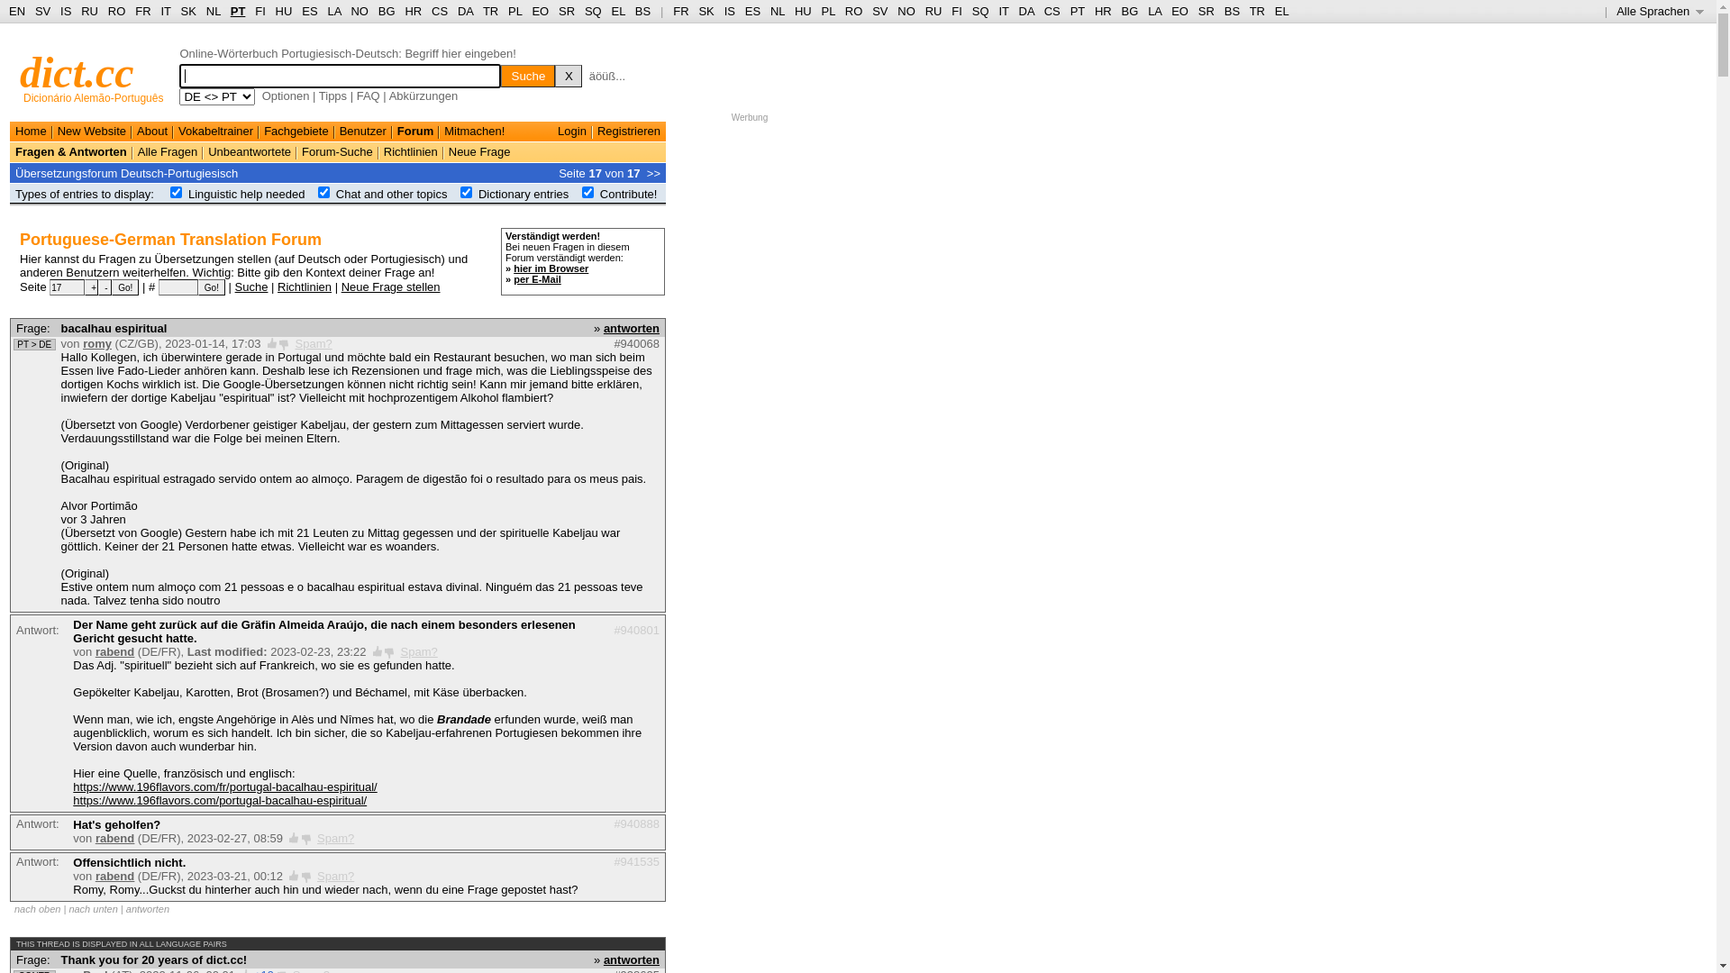  What do you see at coordinates (752, 11) in the screenshot?
I see `'ES'` at bounding box center [752, 11].